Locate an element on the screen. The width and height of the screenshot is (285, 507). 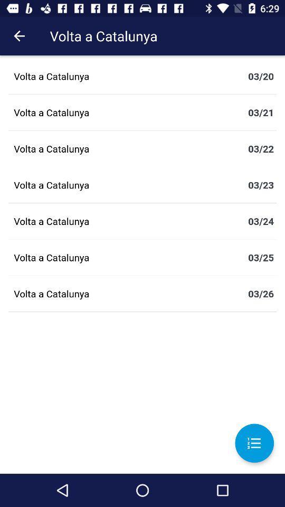
the item above the volta a catalunya icon is located at coordinates (19, 36).